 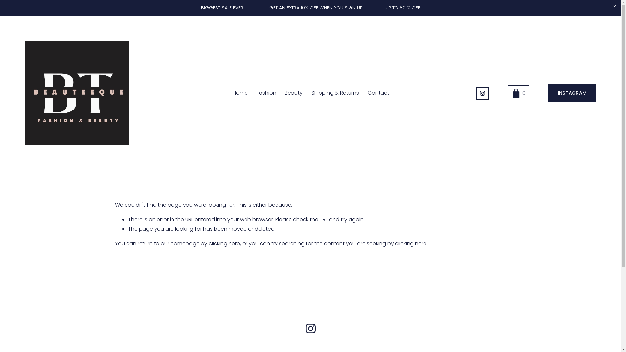 I want to click on 'Home', so click(x=240, y=93).